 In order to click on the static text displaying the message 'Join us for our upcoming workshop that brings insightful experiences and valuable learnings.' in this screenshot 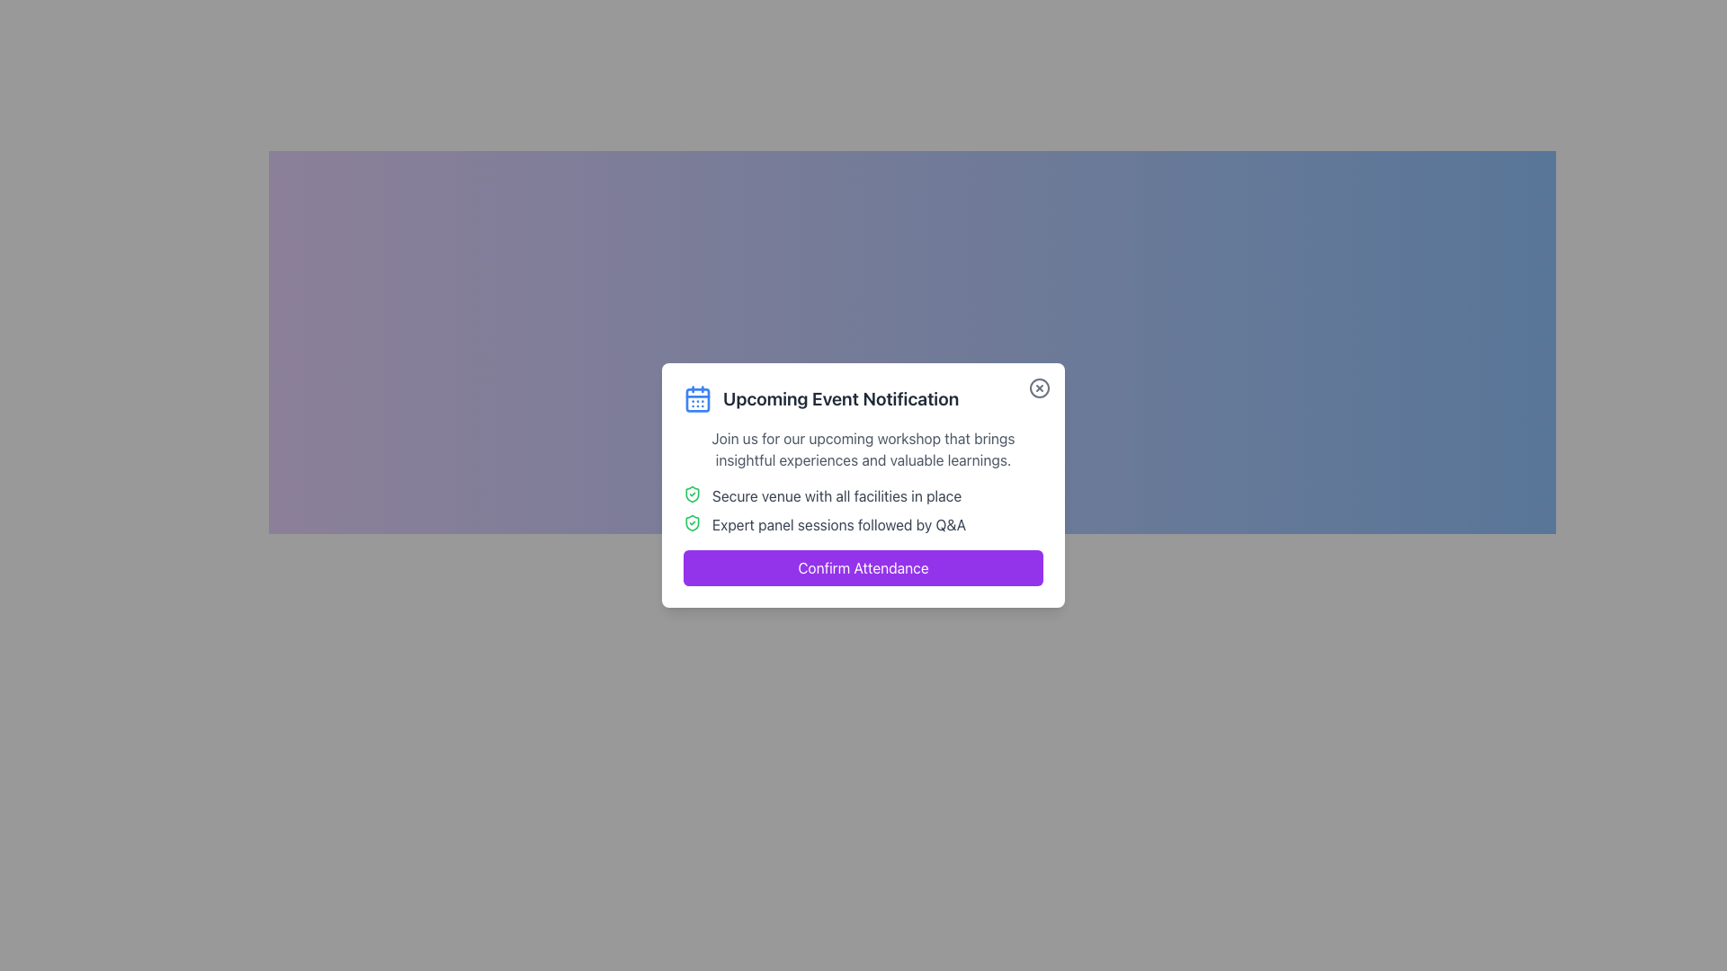, I will do `click(863, 449)`.